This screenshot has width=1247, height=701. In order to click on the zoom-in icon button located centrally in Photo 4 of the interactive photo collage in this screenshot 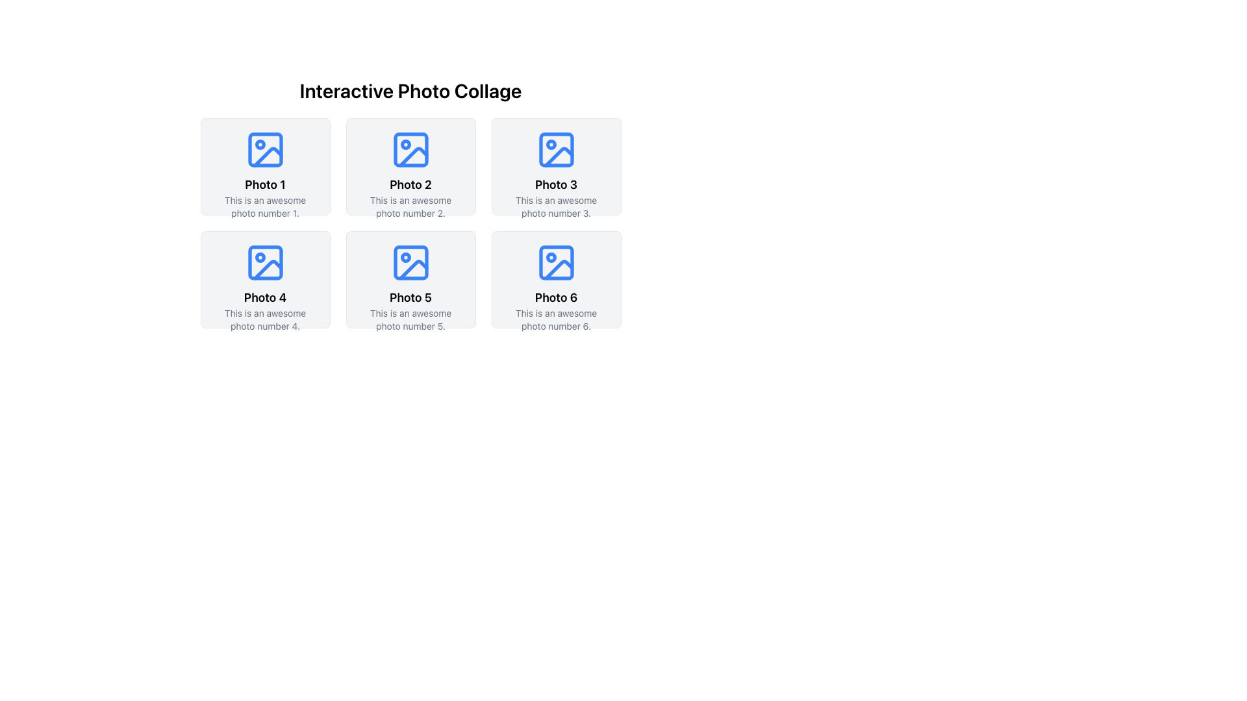, I will do `click(264, 279)`.